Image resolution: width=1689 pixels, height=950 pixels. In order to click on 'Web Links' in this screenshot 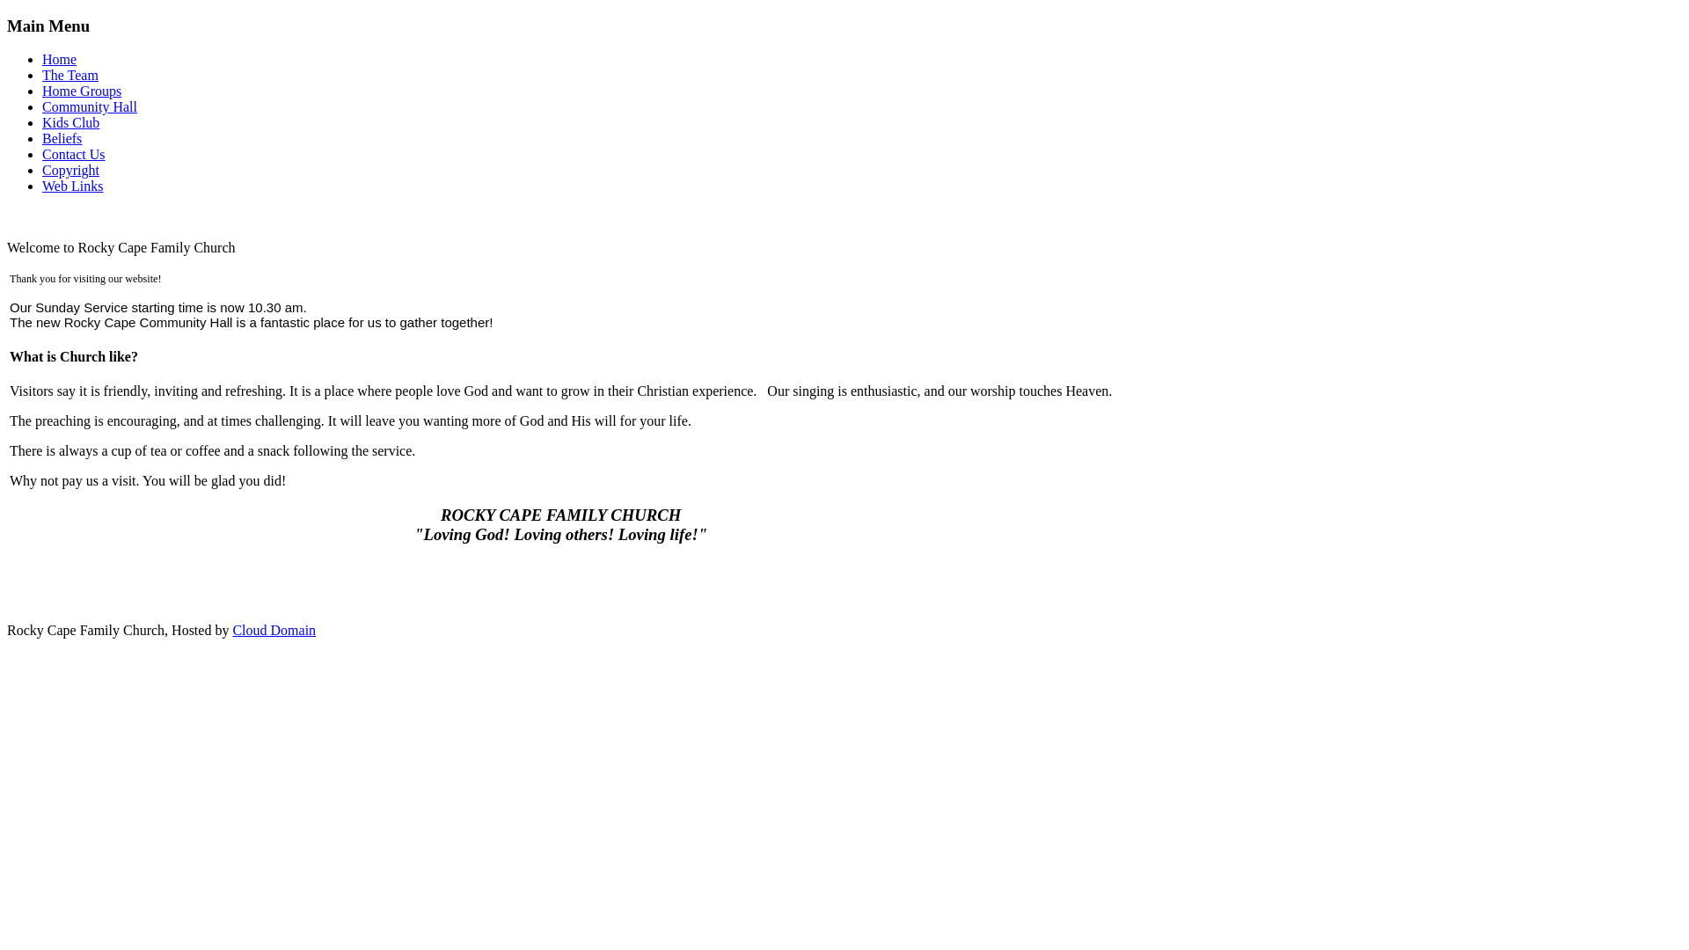, I will do `click(71, 186)`.